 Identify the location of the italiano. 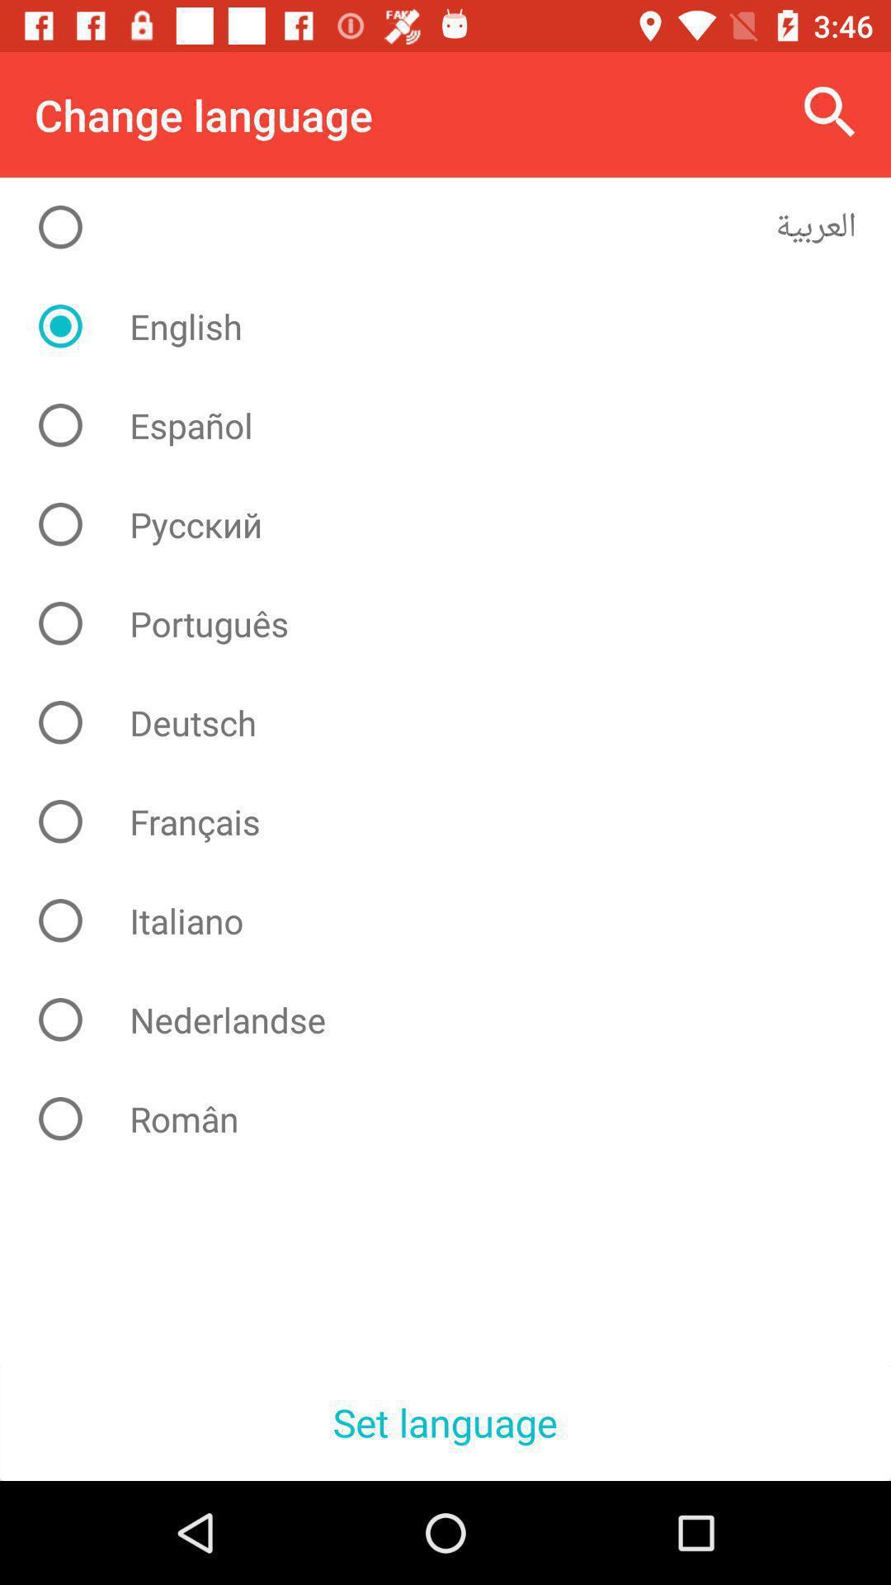
(458, 920).